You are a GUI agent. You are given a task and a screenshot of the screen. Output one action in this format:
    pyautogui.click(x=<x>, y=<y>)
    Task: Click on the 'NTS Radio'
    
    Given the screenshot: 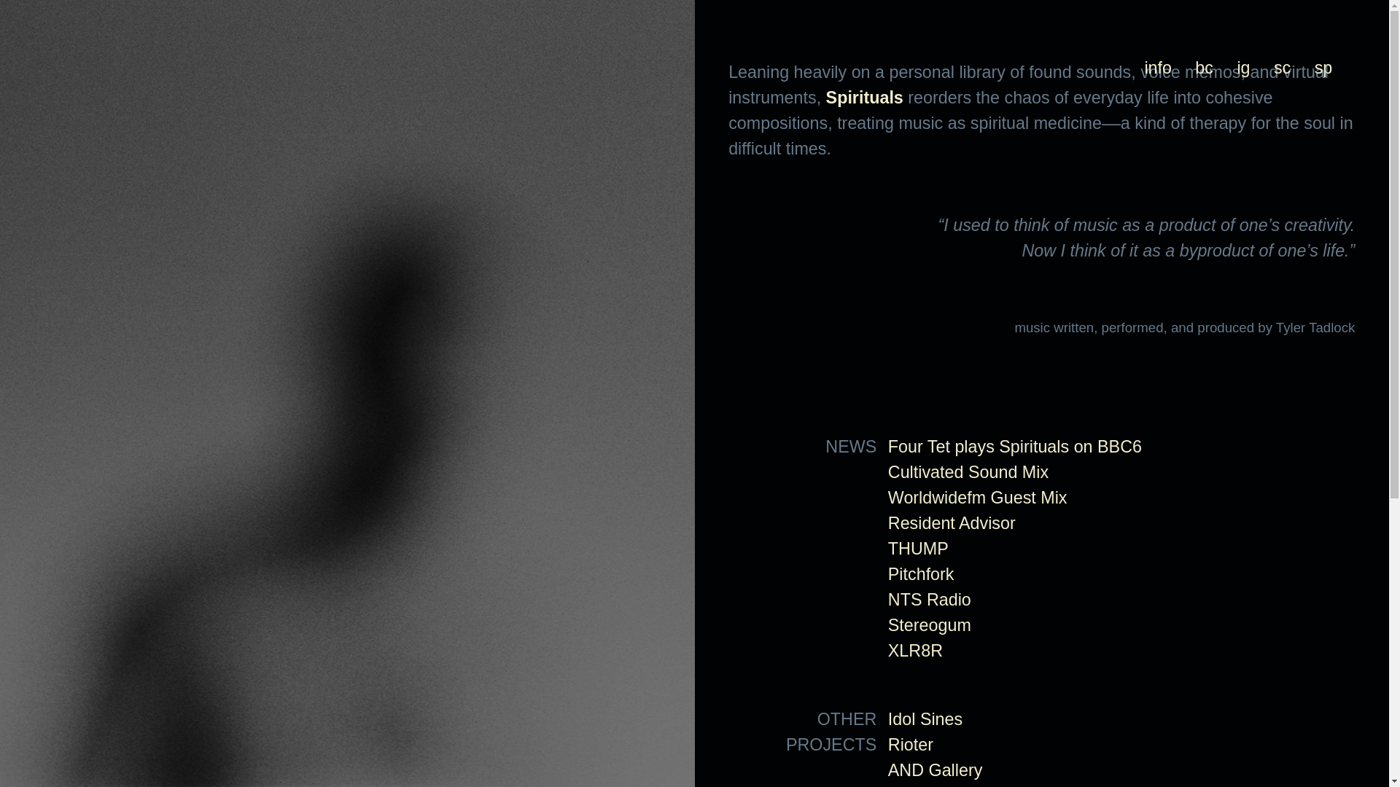 What is the action you would take?
    pyautogui.click(x=929, y=600)
    